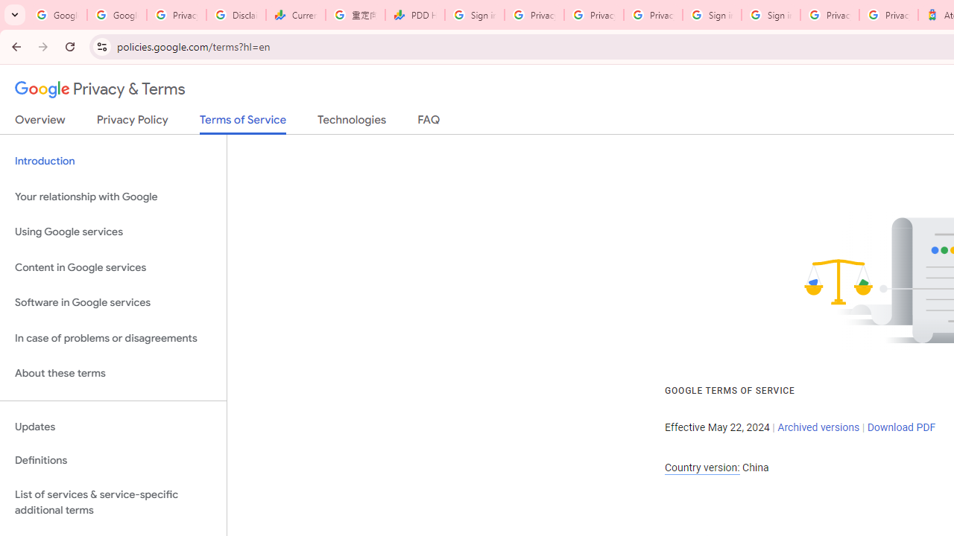  I want to click on 'Privacy & Terms', so click(100, 89).